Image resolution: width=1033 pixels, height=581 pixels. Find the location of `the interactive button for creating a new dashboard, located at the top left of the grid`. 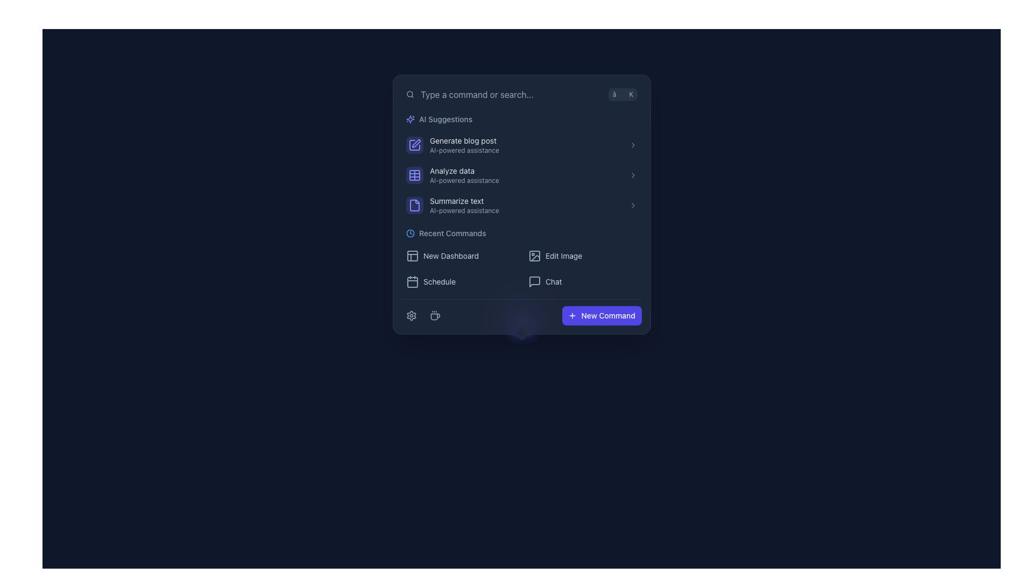

the interactive button for creating a new dashboard, located at the top left of the grid is located at coordinates (460, 256).